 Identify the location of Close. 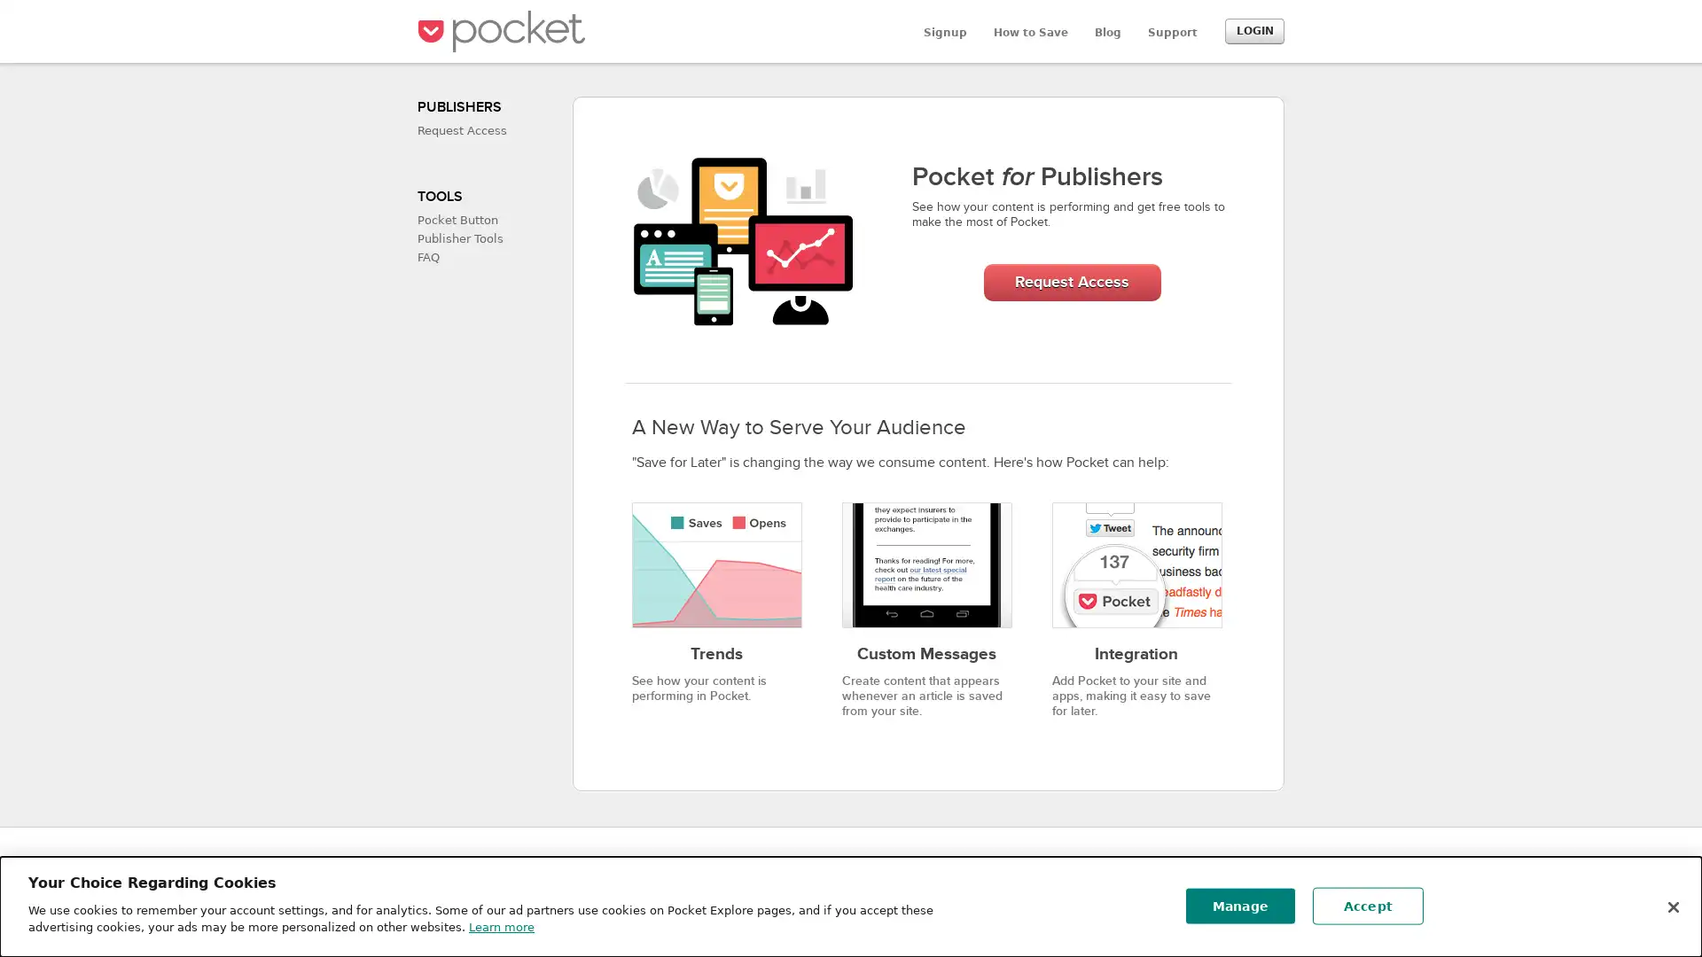
(1672, 906).